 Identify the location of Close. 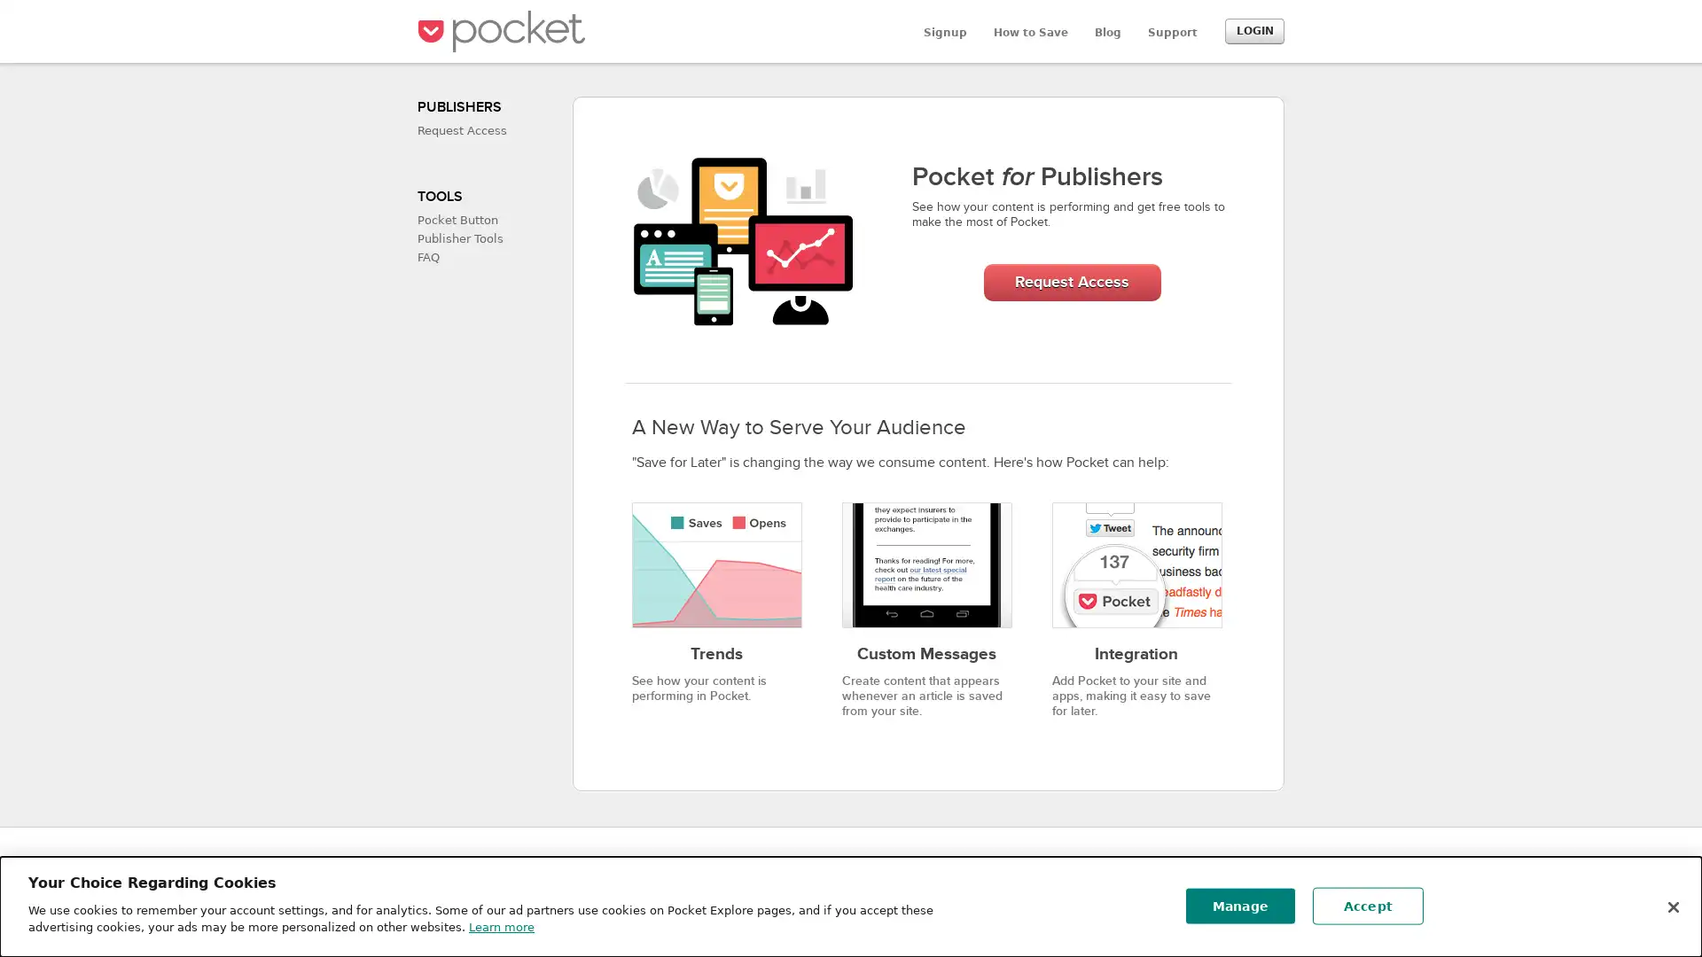
(1672, 906).